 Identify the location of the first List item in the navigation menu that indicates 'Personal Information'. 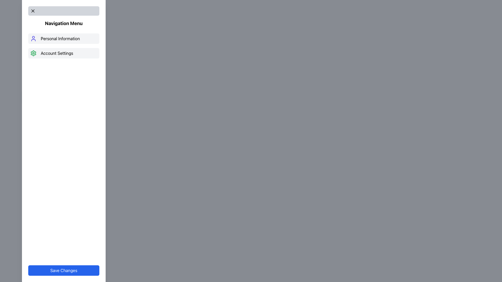
(64, 38).